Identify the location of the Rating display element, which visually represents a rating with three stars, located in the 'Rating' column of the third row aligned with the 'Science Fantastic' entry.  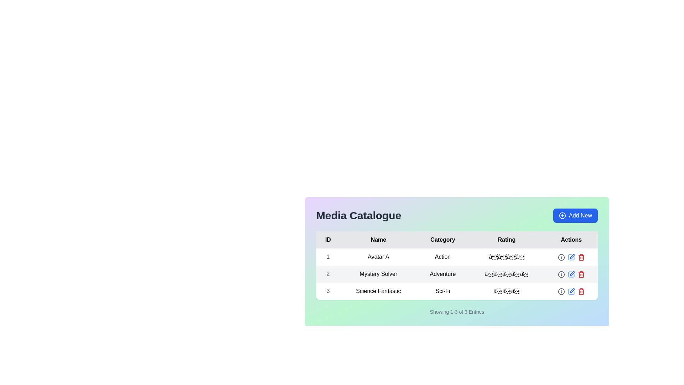
(506, 291).